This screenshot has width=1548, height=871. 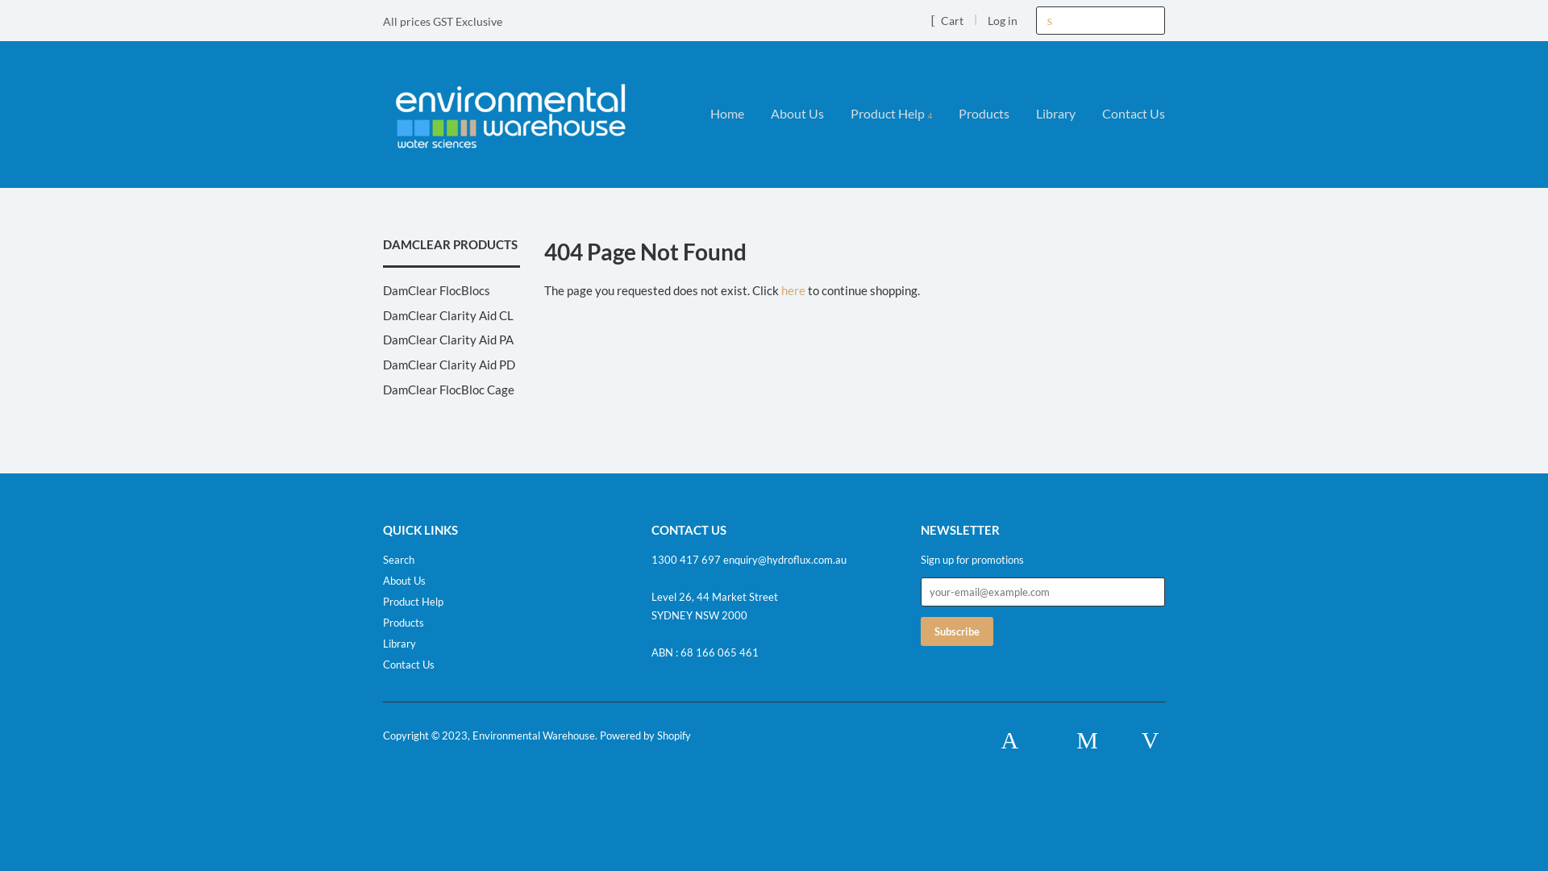 I want to click on 'DamClear Clarity Aid PD', so click(x=448, y=364).